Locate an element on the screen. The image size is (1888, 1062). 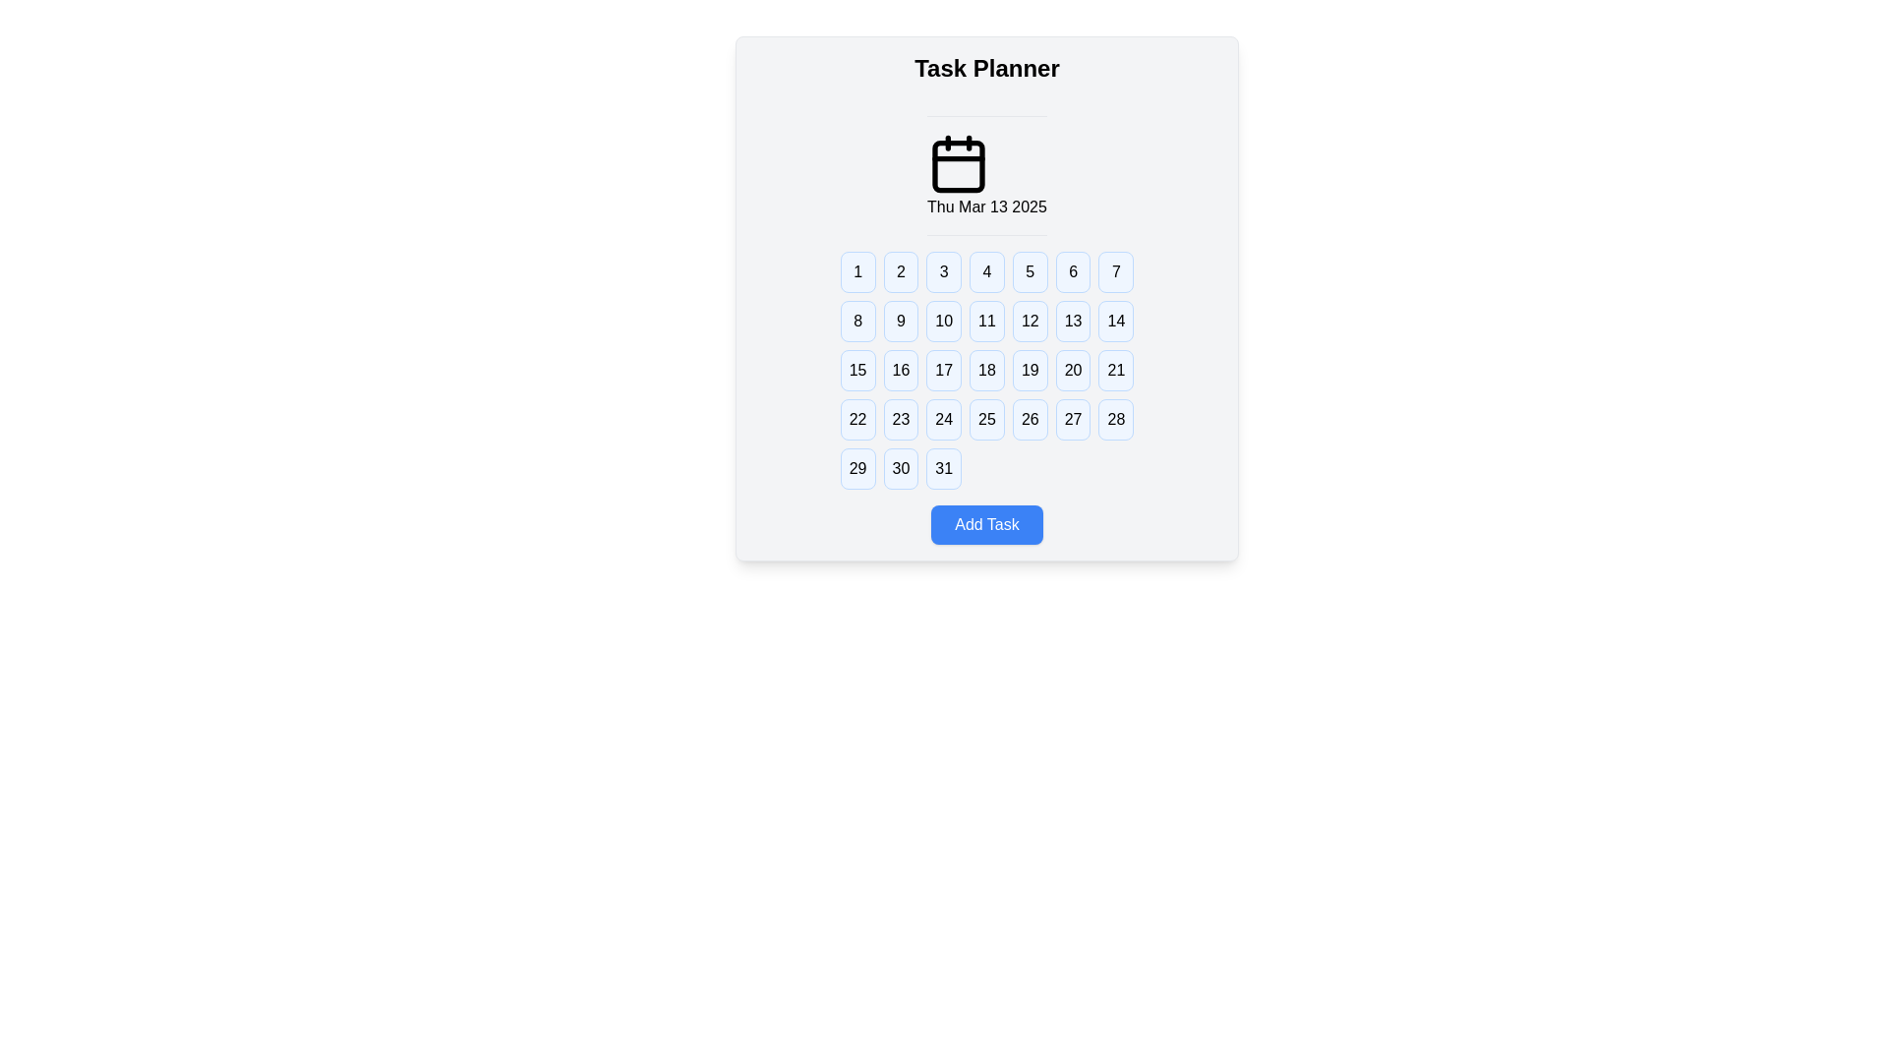
the square button with rounded corners and light blue background that contains the text '14' is located at coordinates (1115, 321).